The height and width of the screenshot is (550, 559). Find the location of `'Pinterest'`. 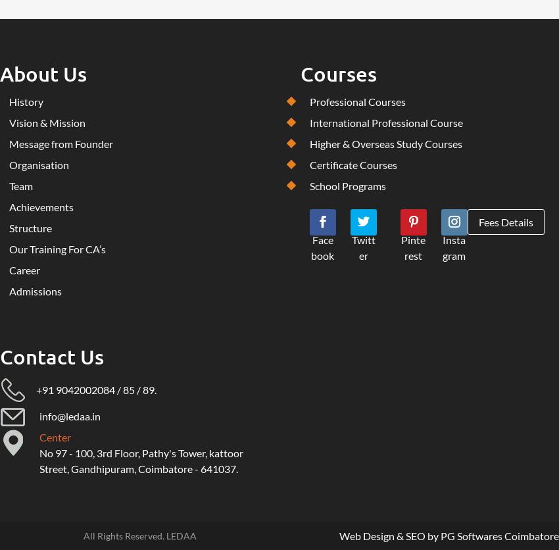

'Pinterest' is located at coordinates (412, 247).